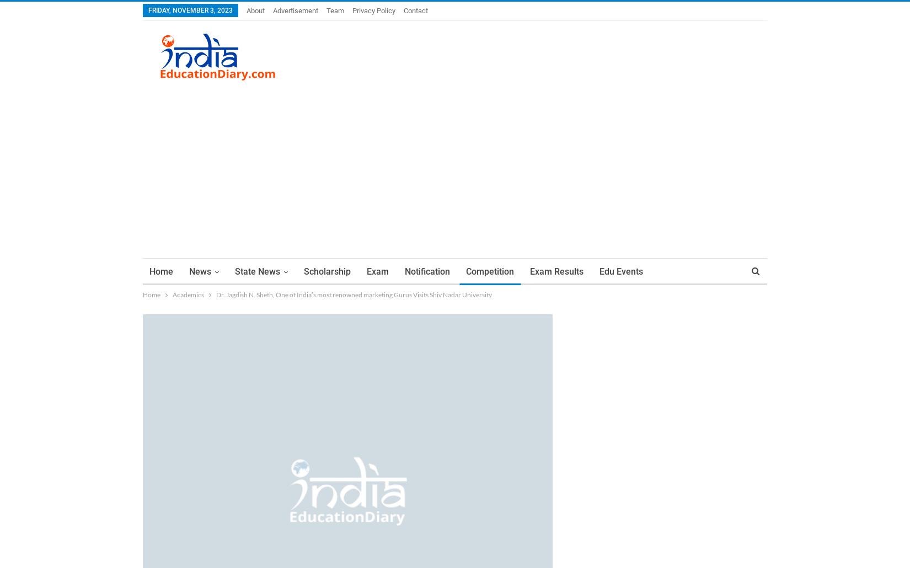 The image size is (910, 568). Describe the element at coordinates (256, 271) in the screenshot. I see `'State News'` at that location.